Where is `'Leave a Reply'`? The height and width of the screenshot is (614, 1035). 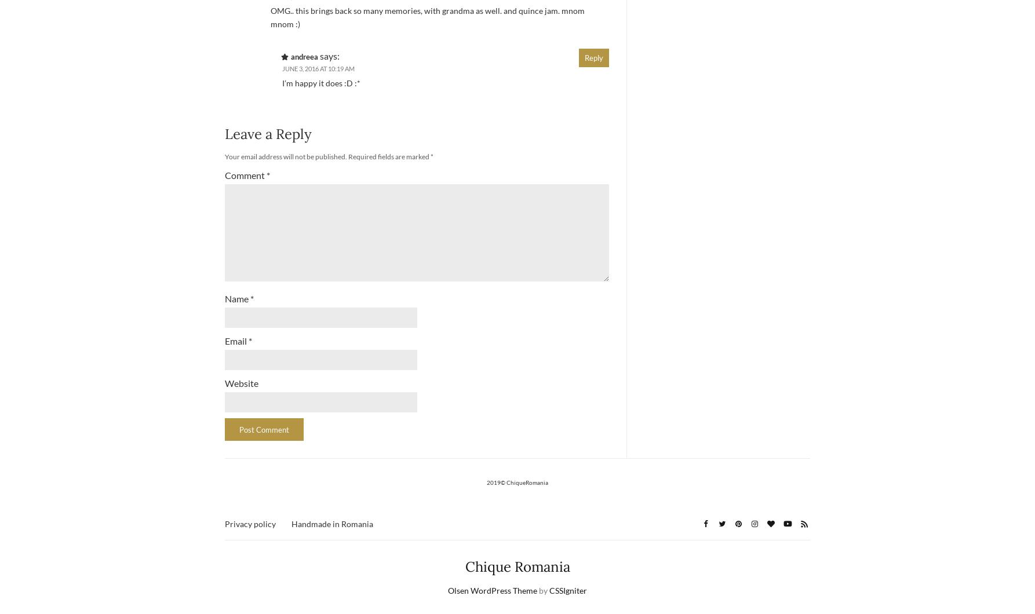 'Leave a Reply' is located at coordinates (267, 133).